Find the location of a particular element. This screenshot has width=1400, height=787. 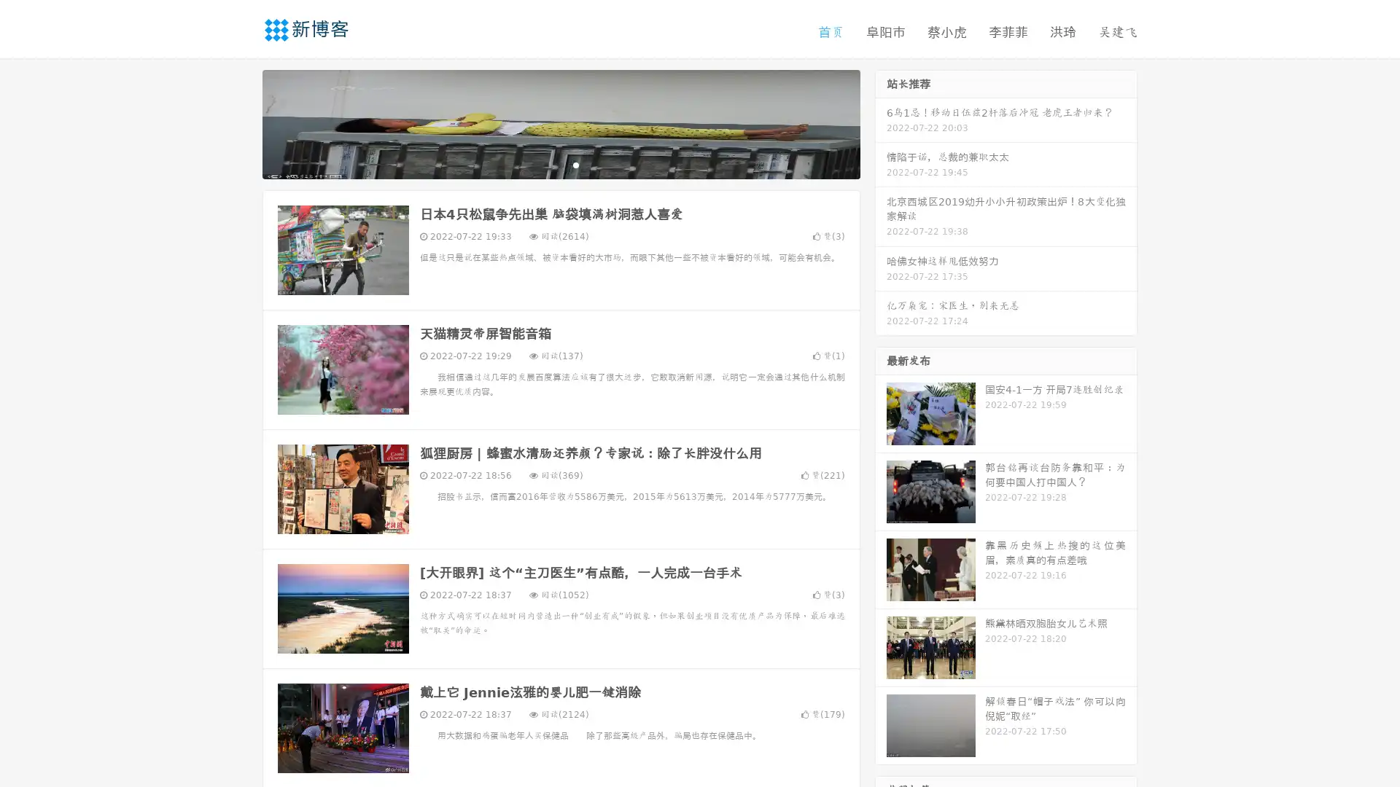

Go to slide 1 is located at coordinates (545, 164).